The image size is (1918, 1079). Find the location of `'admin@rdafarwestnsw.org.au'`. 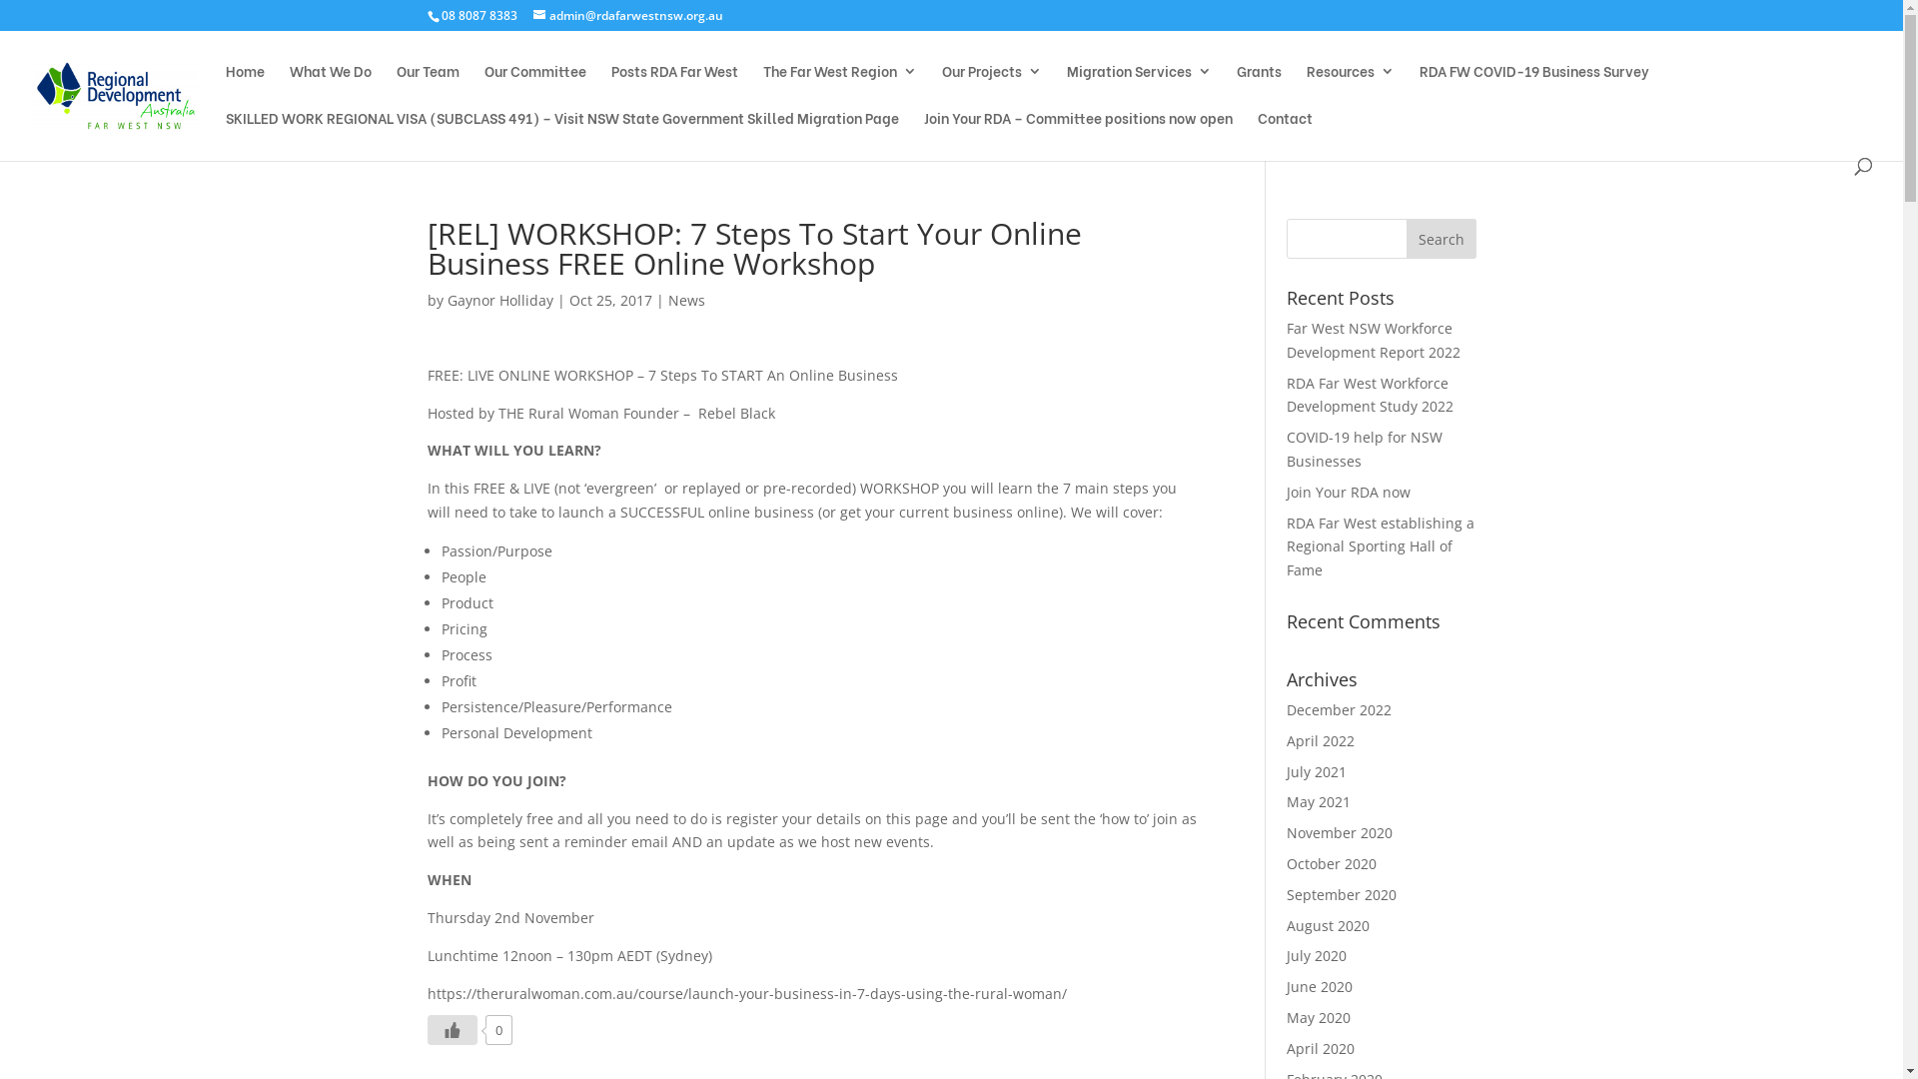

'admin@rdafarwestnsw.org.au' is located at coordinates (626, 15).